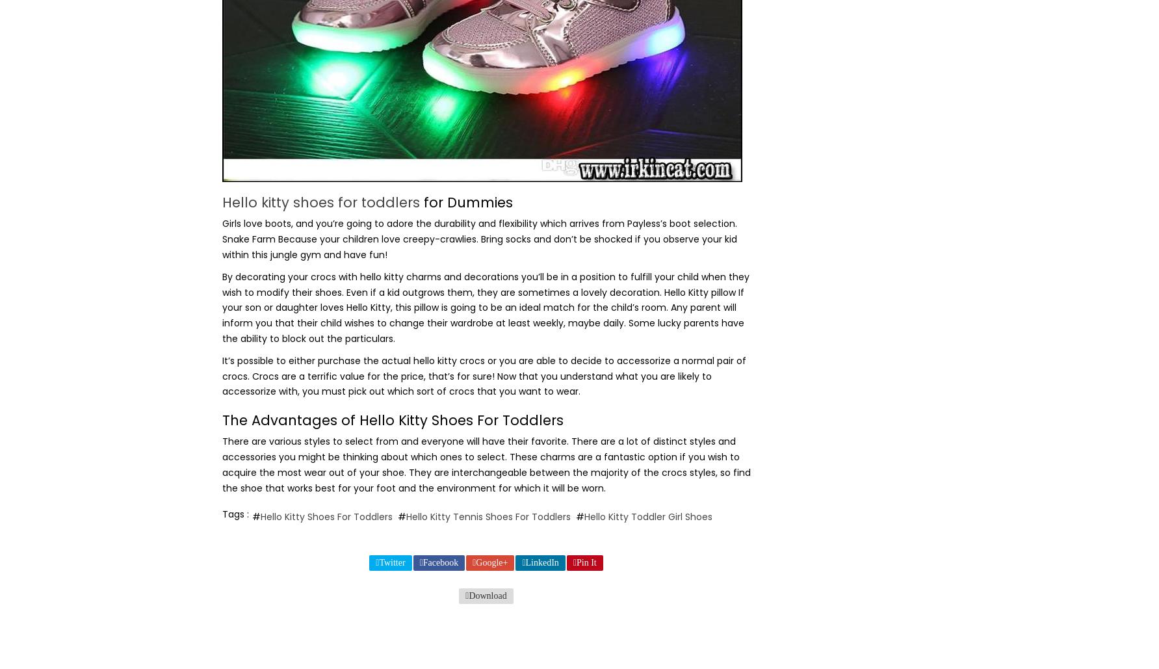 Image resolution: width=1159 pixels, height=669 pixels. I want to click on 'Google+', so click(491, 561).